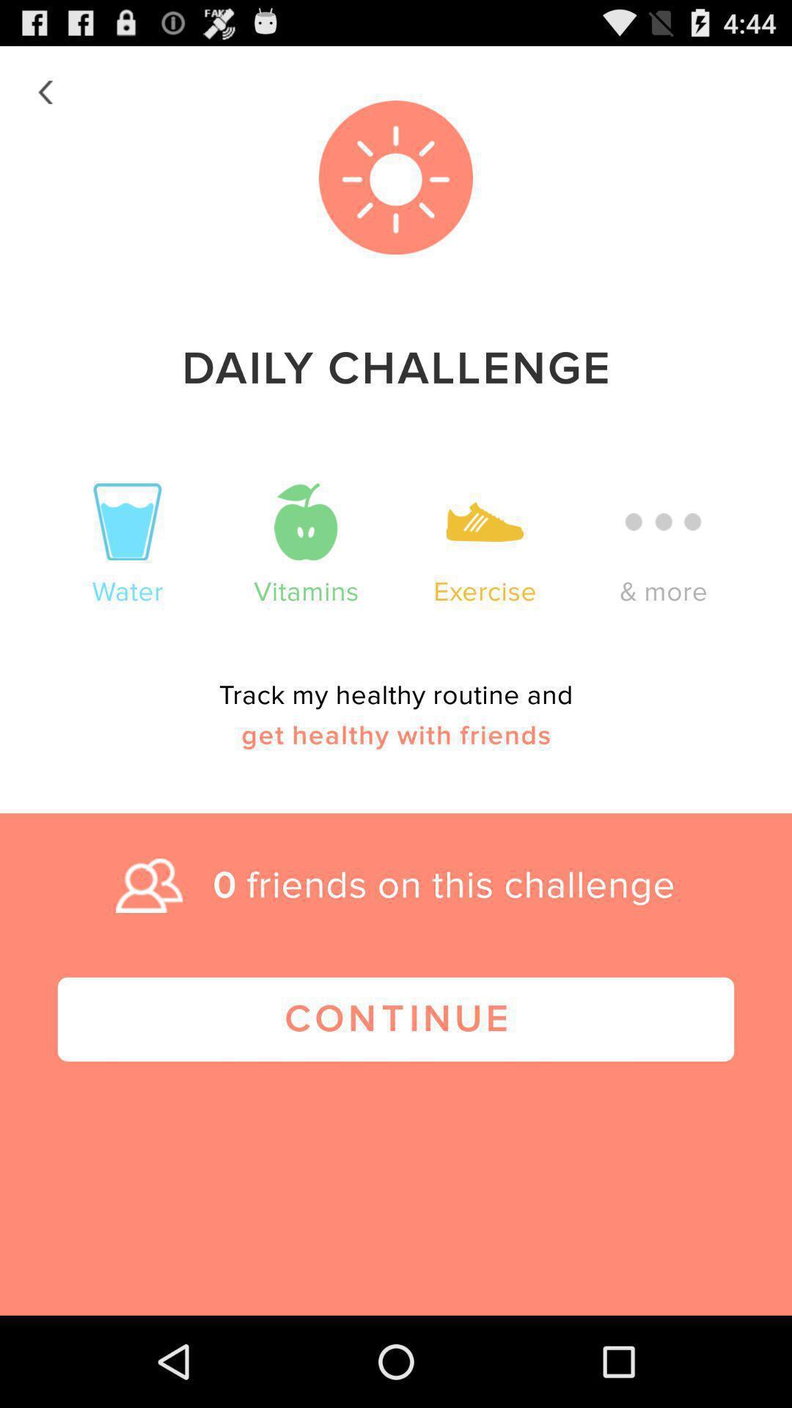 The height and width of the screenshot is (1408, 792). What do you see at coordinates (45, 98) in the screenshot?
I see `the arrow_backward icon` at bounding box center [45, 98].